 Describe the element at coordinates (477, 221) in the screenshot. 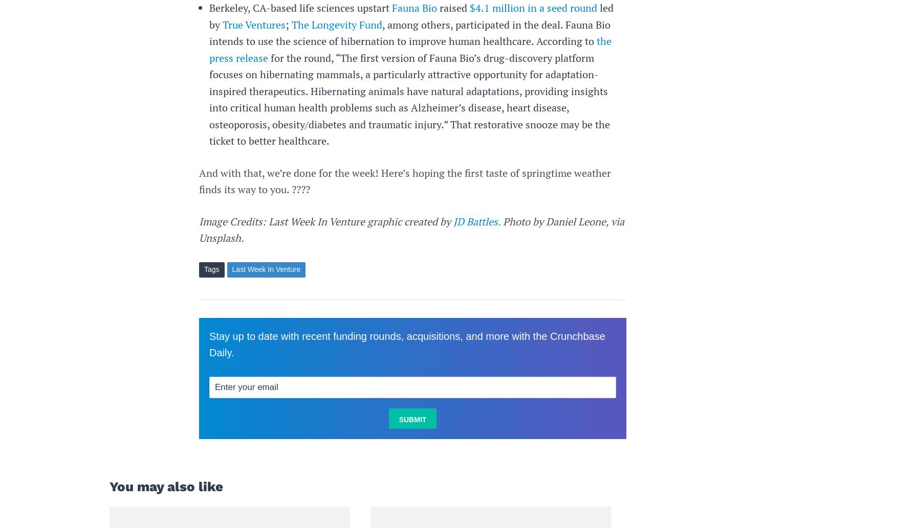

I see `'JD Battles.'` at that location.